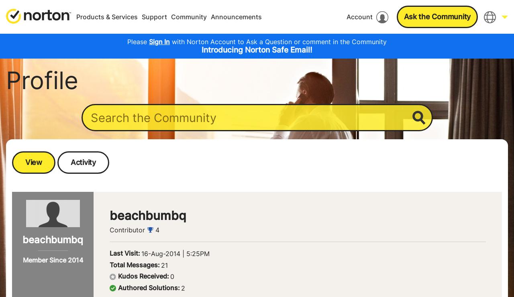 Image resolution: width=514 pixels, height=297 pixels. I want to click on 'Introducing Norton Safe Email!', so click(257, 49).